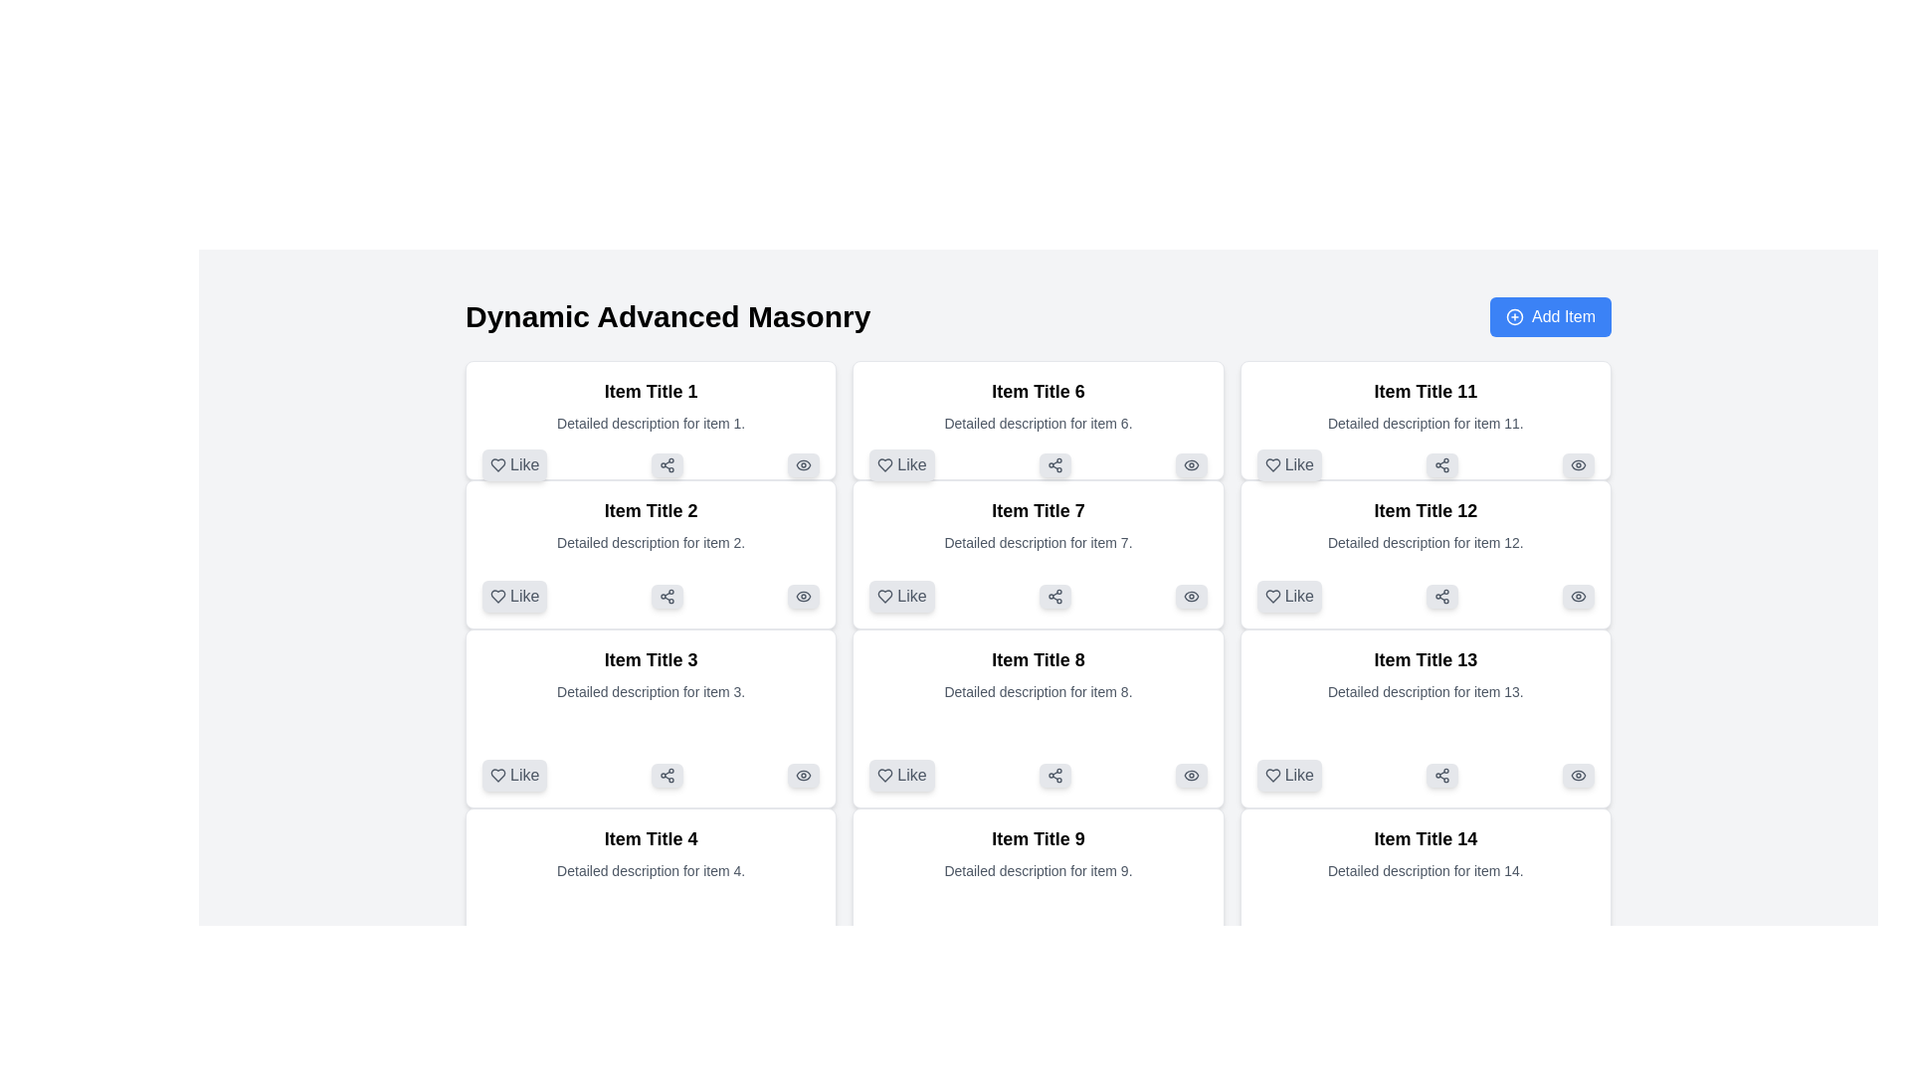 The width and height of the screenshot is (1910, 1074). Describe the element at coordinates (1191, 464) in the screenshot. I see `the Icon button located in the top-right corner of the card labeled 'Item Title 6' for keyboard interaction` at that location.